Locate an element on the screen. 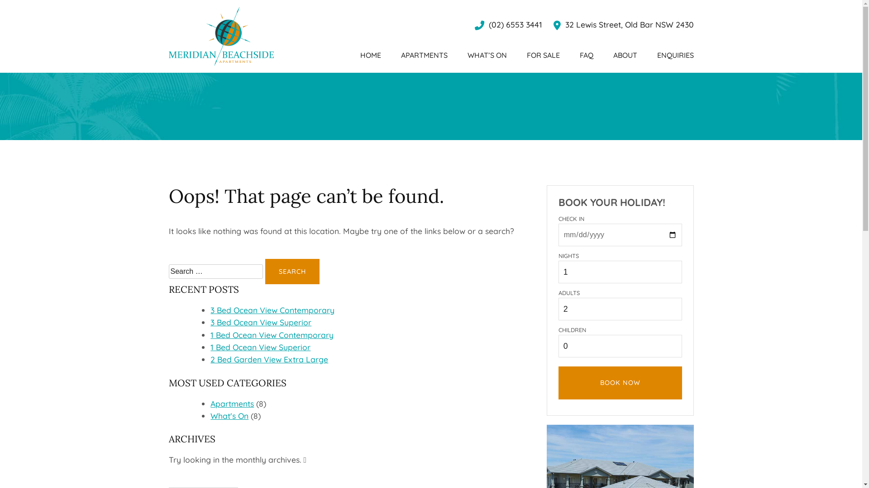 The height and width of the screenshot is (488, 869). '32 Lewis Street, Old Bar NSW 2430' is located at coordinates (623, 24).